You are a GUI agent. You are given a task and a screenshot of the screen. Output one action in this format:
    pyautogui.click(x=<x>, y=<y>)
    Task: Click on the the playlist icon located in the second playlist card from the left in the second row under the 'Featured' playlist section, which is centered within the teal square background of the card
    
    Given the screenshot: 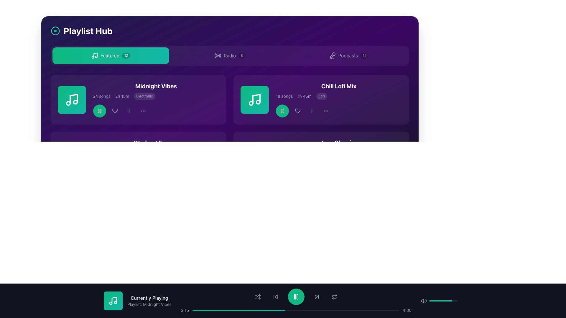 What is the action you would take?
    pyautogui.click(x=254, y=100)
    